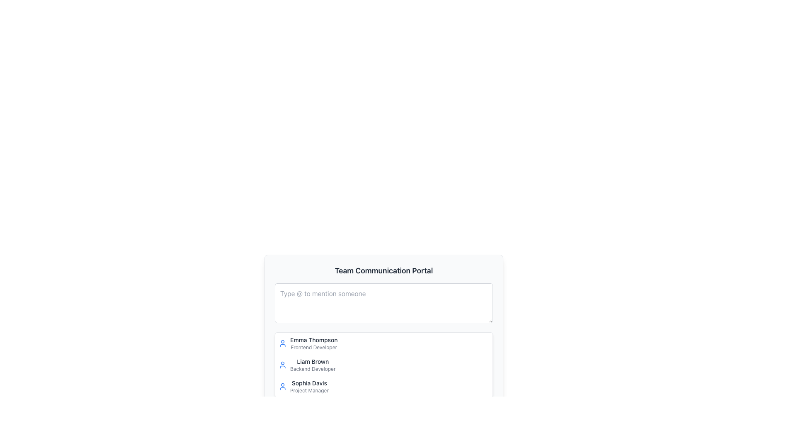  What do you see at coordinates (282, 364) in the screenshot?
I see `the user icon representing 'Liam Brown's profile' located to the left of the text 'Liam Brown - Backend Developer'` at bounding box center [282, 364].